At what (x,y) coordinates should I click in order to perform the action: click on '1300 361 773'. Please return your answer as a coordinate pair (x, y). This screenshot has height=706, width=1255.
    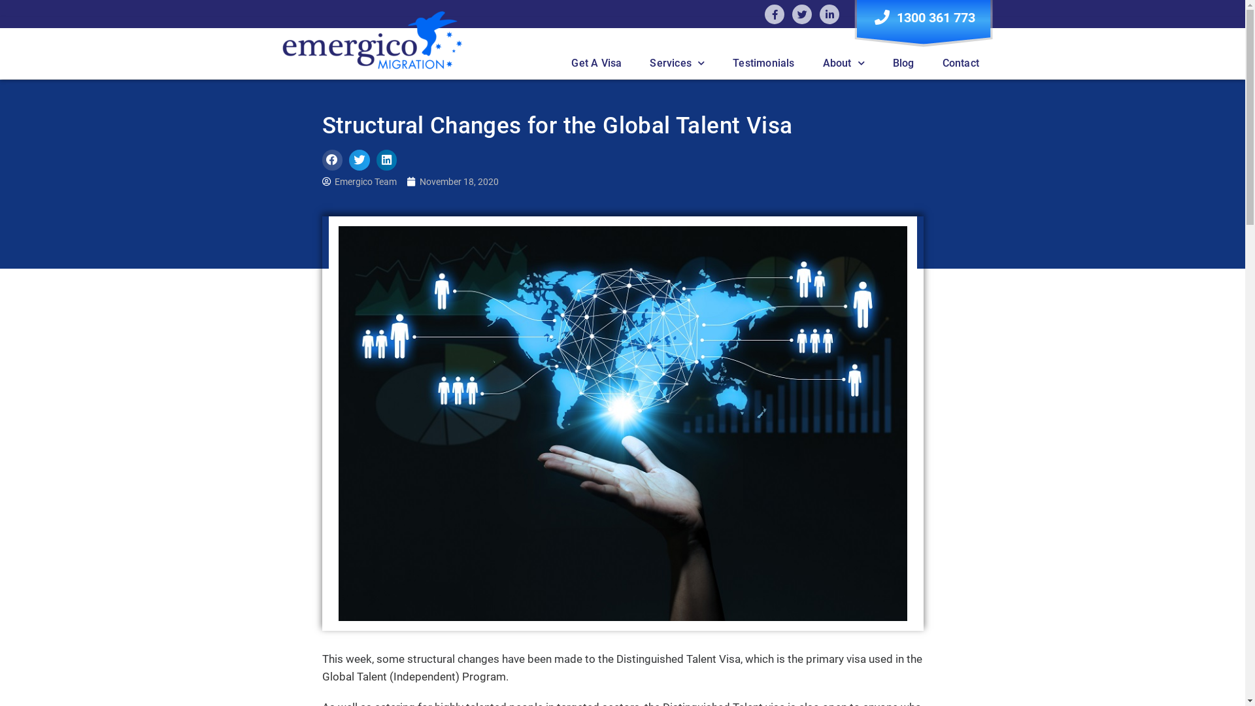
    Looking at the image, I should click on (922, 17).